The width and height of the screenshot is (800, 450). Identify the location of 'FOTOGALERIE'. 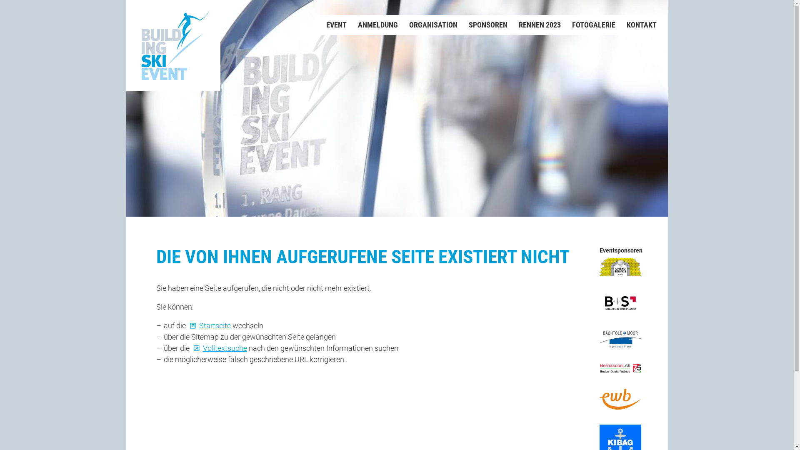
(587, 25).